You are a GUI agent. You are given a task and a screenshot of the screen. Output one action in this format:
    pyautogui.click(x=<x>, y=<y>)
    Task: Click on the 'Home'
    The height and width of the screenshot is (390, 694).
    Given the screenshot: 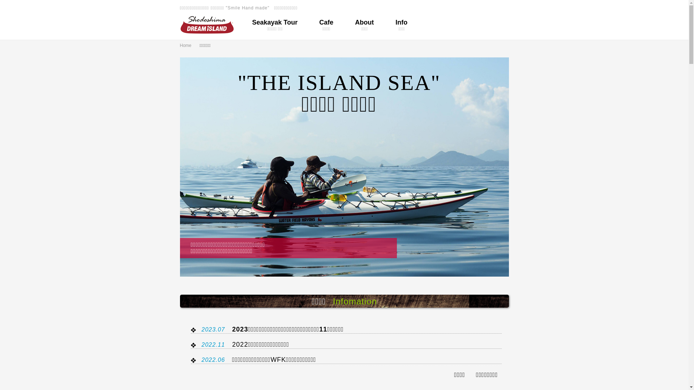 What is the action you would take?
    pyautogui.click(x=189, y=45)
    